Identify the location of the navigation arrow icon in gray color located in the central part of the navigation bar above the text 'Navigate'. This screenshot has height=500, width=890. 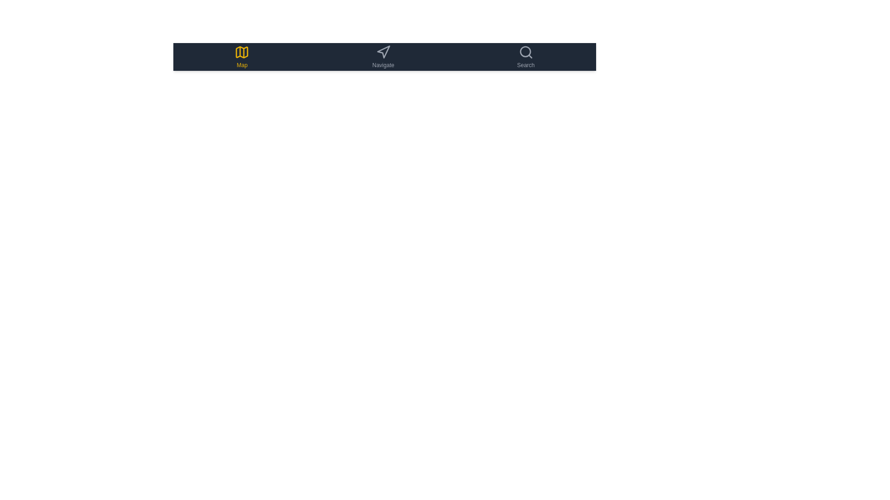
(383, 52).